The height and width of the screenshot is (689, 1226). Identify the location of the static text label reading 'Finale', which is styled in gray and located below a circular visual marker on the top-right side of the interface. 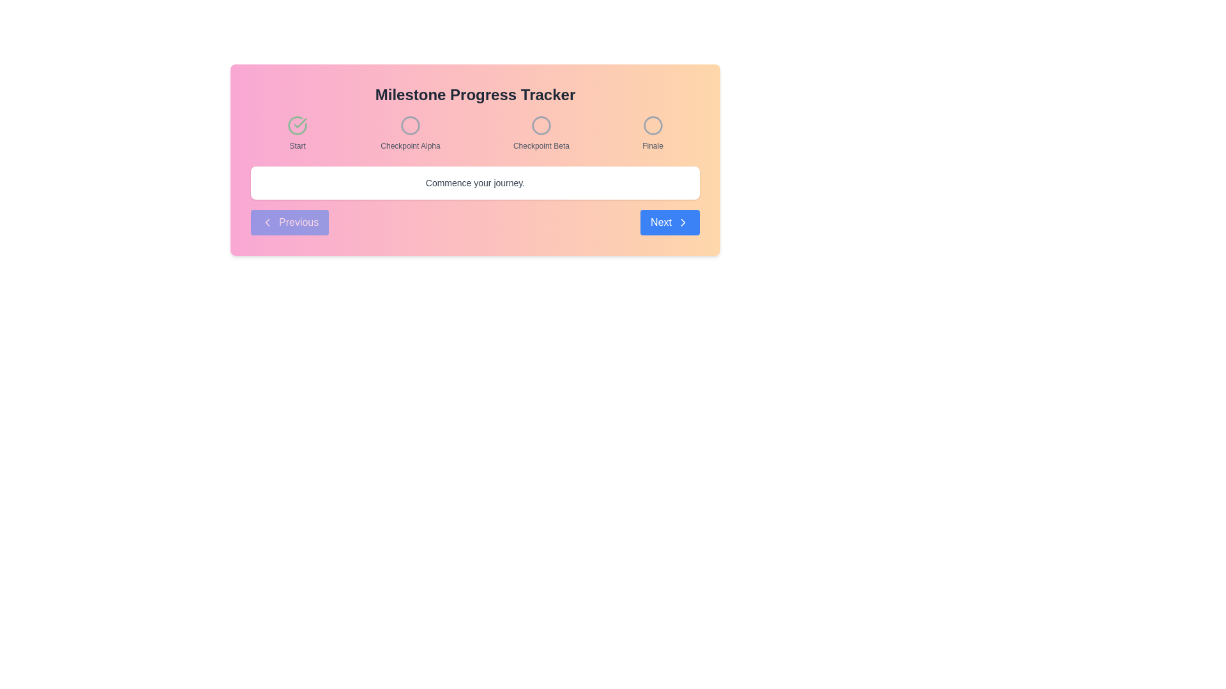
(653, 145).